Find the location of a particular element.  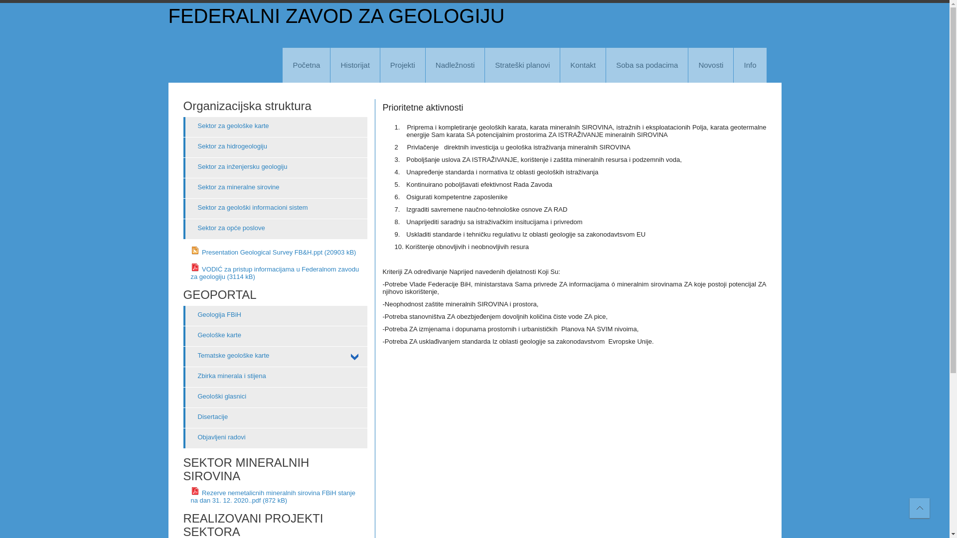

'Sektor za hidrogeologiju' is located at coordinates (275, 147).